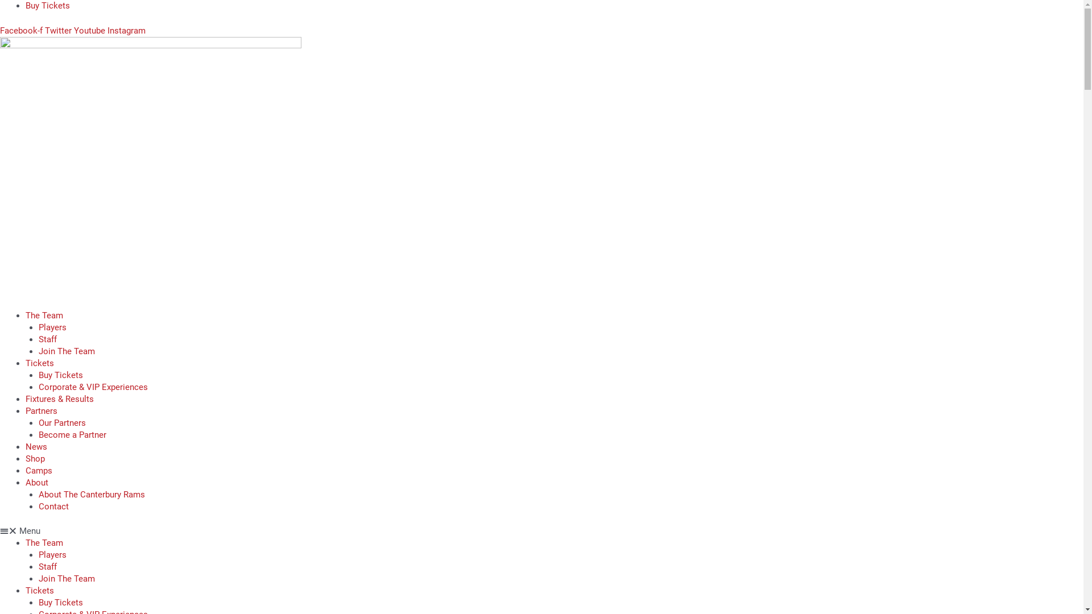 The image size is (1092, 614). Describe the element at coordinates (53, 506) in the screenshot. I see `'Contact'` at that location.